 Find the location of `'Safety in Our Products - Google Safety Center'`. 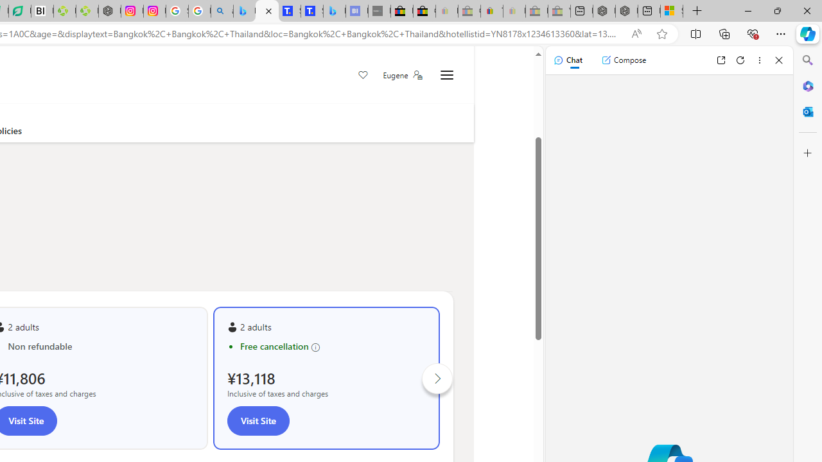

'Safety in Our Products - Google Safety Center' is located at coordinates (176, 11).